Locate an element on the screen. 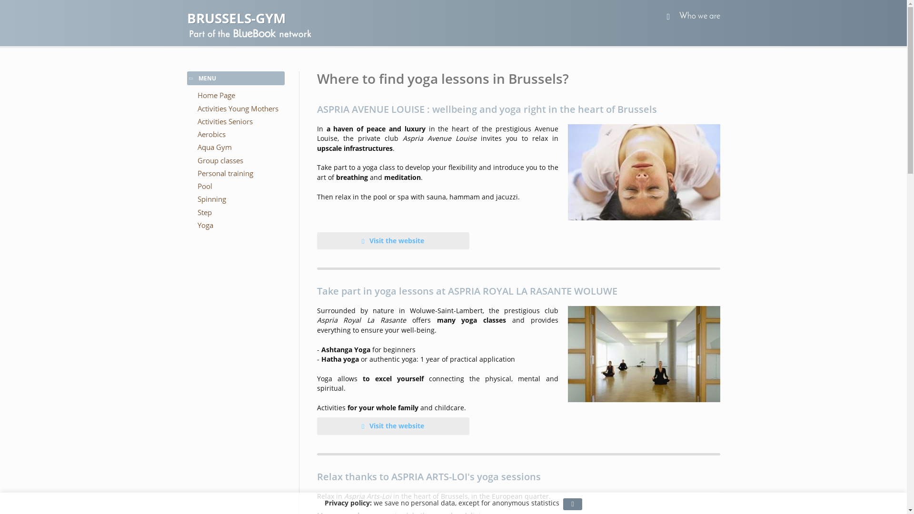 This screenshot has width=914, height=514. 'BRUSSELS-GYM' is located at coordinates (187, 18).